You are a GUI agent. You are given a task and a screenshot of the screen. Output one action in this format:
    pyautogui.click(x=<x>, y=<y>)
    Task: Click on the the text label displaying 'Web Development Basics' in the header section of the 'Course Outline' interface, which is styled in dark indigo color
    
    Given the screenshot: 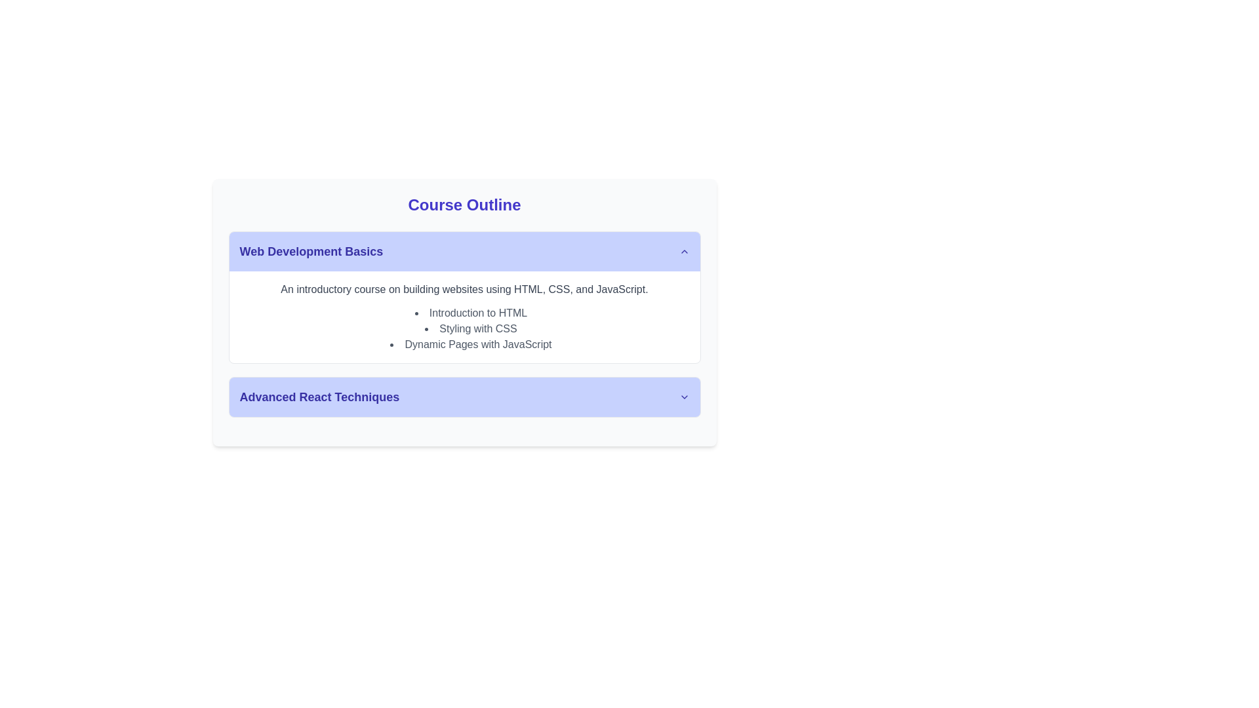 What is the action you would take?
    pyautogui.click(x=310, y=252)
    